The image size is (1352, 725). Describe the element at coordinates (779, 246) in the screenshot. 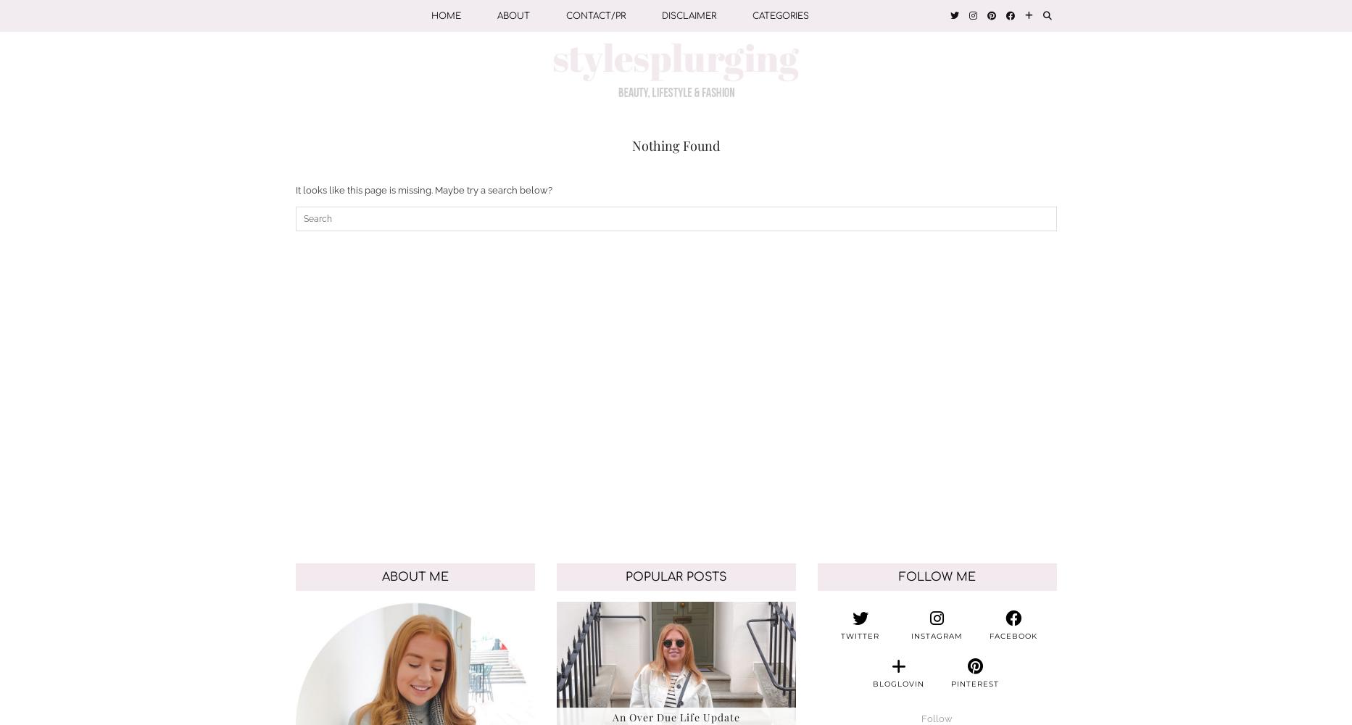

I see `'christmas'` at that location.